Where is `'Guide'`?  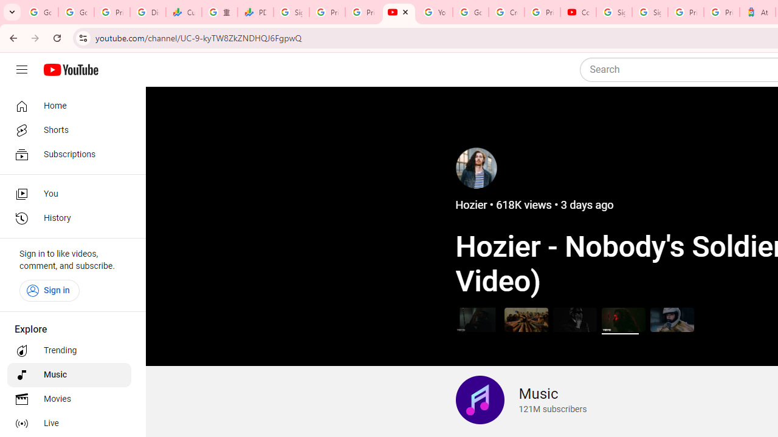
'Guide' is located at coordinates (21, 70).